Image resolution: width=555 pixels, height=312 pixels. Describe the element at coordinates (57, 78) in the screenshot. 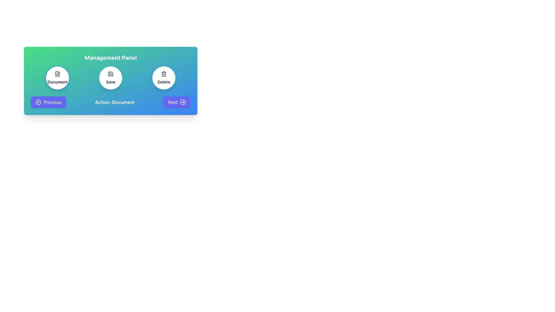

I see `the leftmost circular button that represents a 'Document'-related feature` at that location.